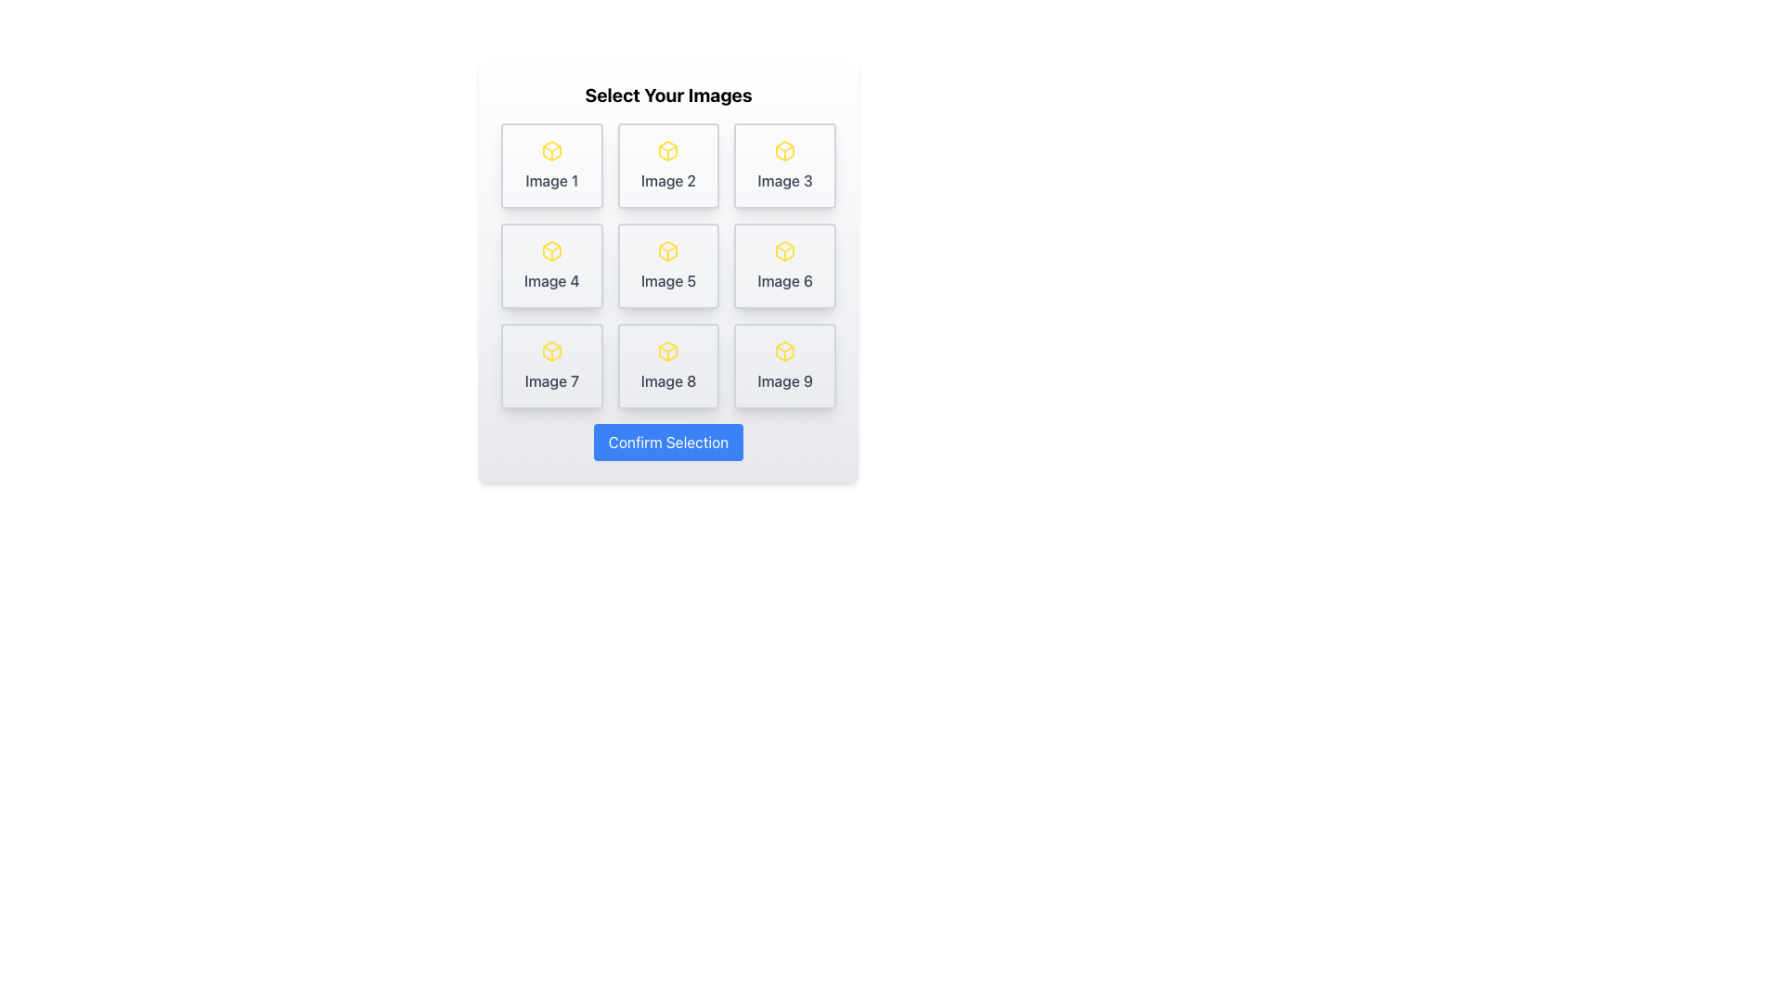  Describe the element at coordinates (550, 380) in the screenshot. I see `the Text label located in the bottom-left corner of the 3x3 grid, which serves as a descriptor for the associated icon` at that location.